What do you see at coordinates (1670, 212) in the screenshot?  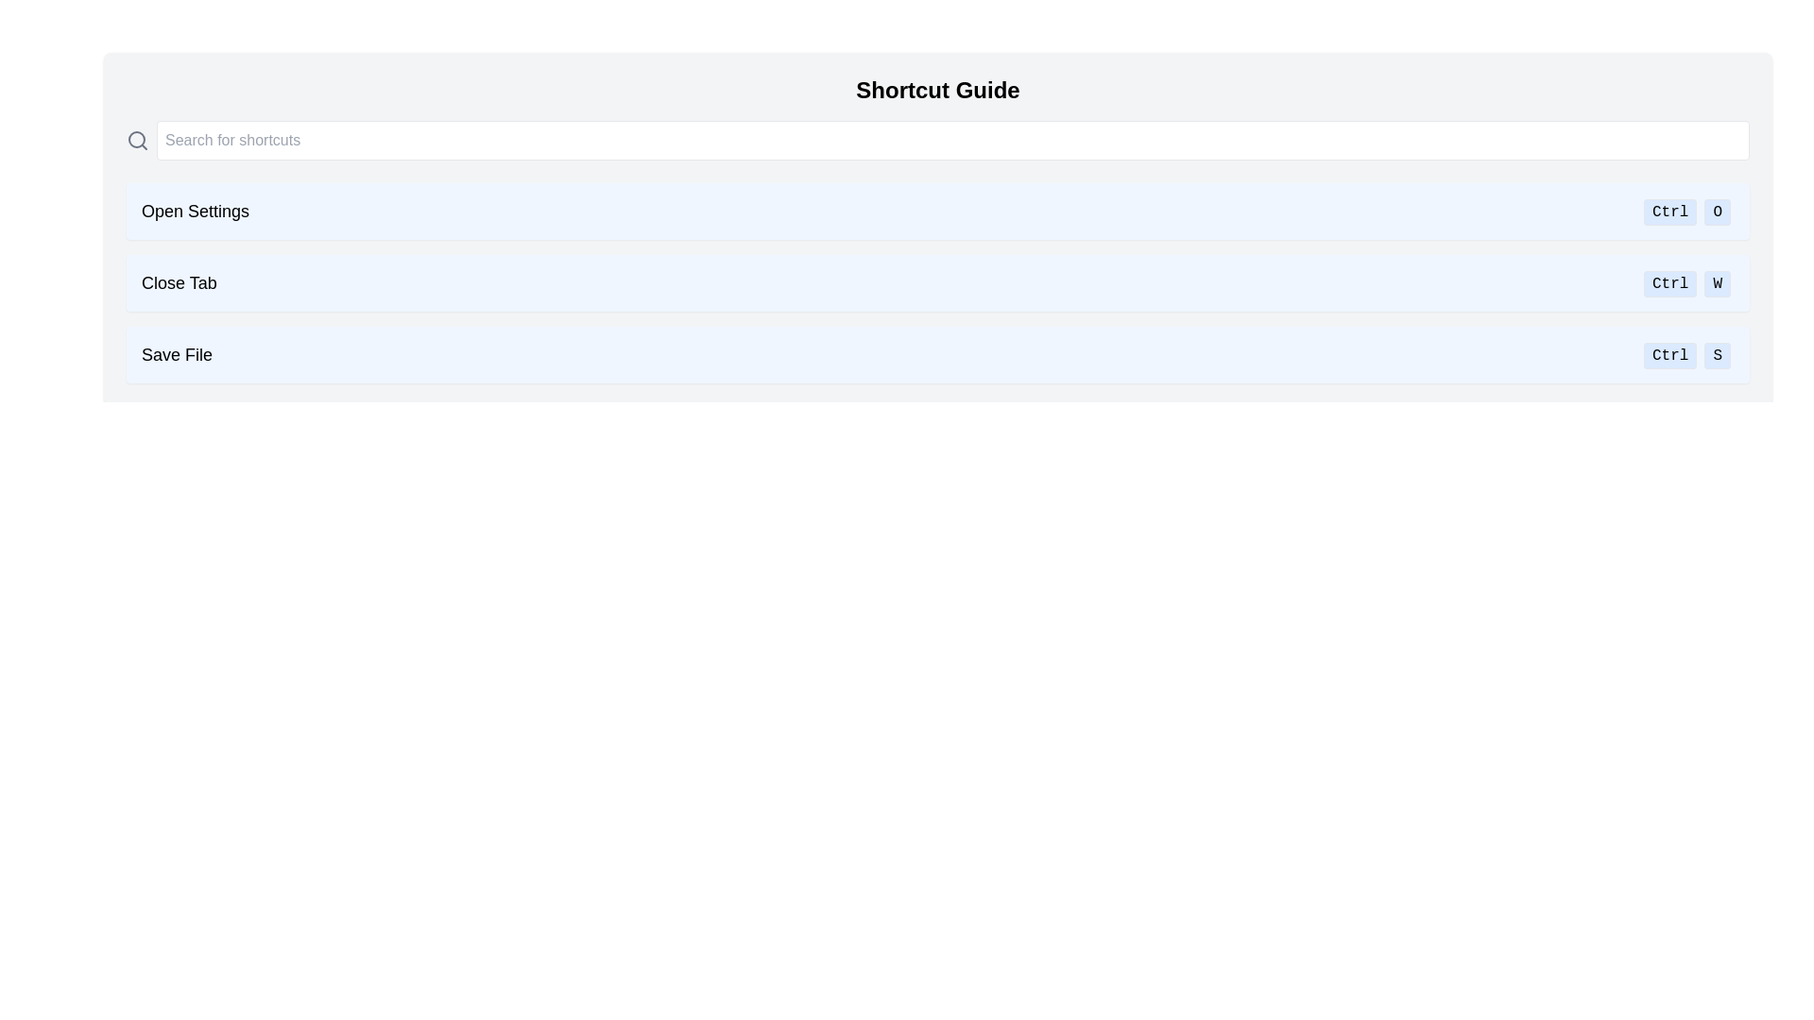 I see `the 'Ctrl' key representation in the shortcut guide, which is part of the 'Ctrl O' combination located to the right of the 'Open Settings' label` at bounding box center [1670, 212].